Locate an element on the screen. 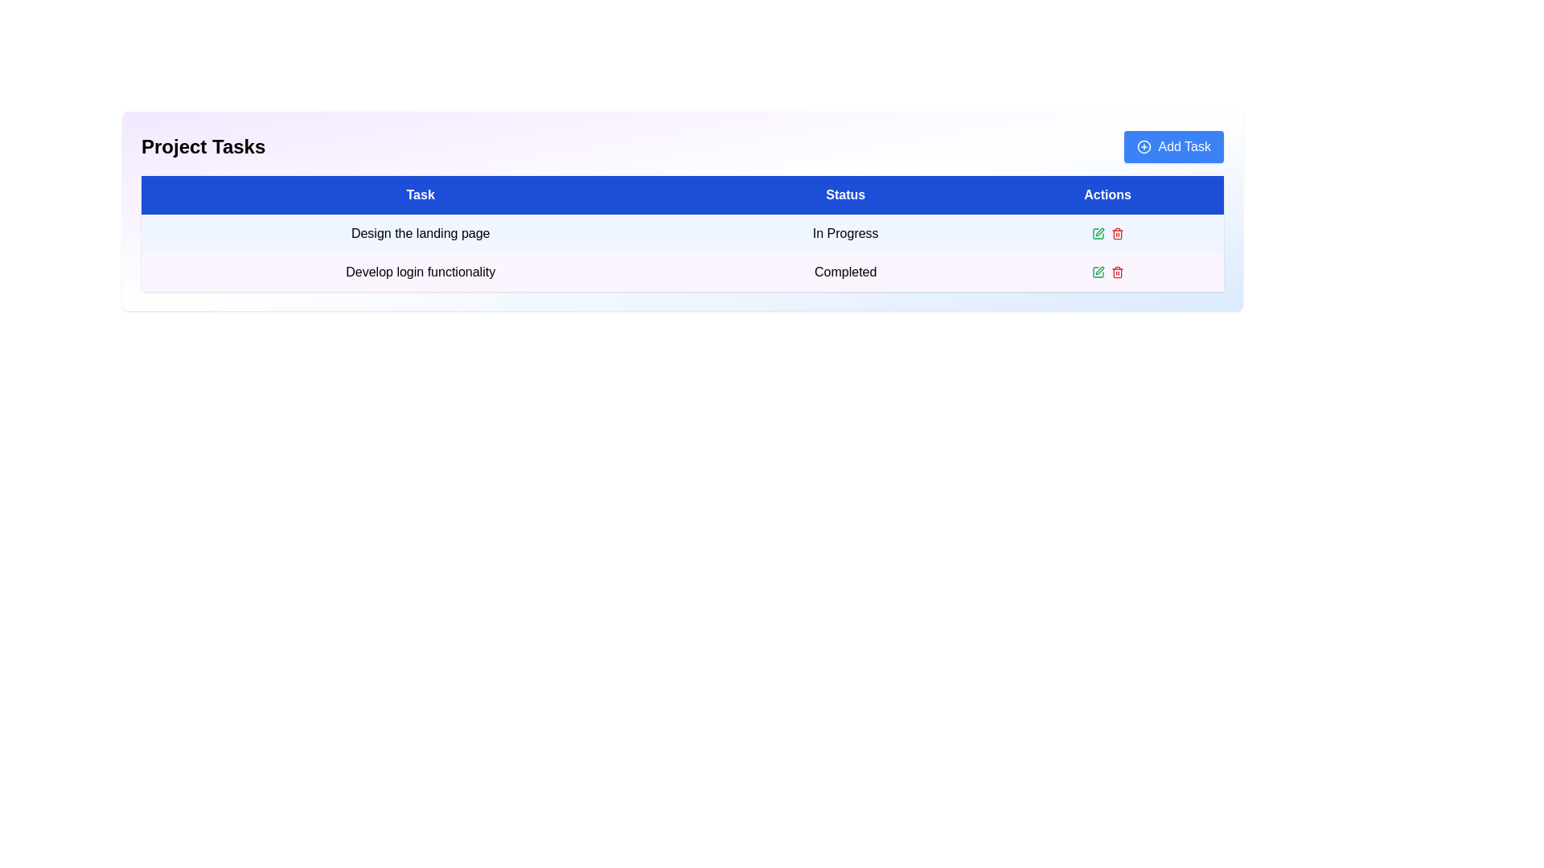 This screenshot has height=868, width=1544. the text label indicating the current status of the task labeled 'Design the landing page' located in the second column of the first row under the 'Status' header in the project tasks table is located at coordinates (844, 233).